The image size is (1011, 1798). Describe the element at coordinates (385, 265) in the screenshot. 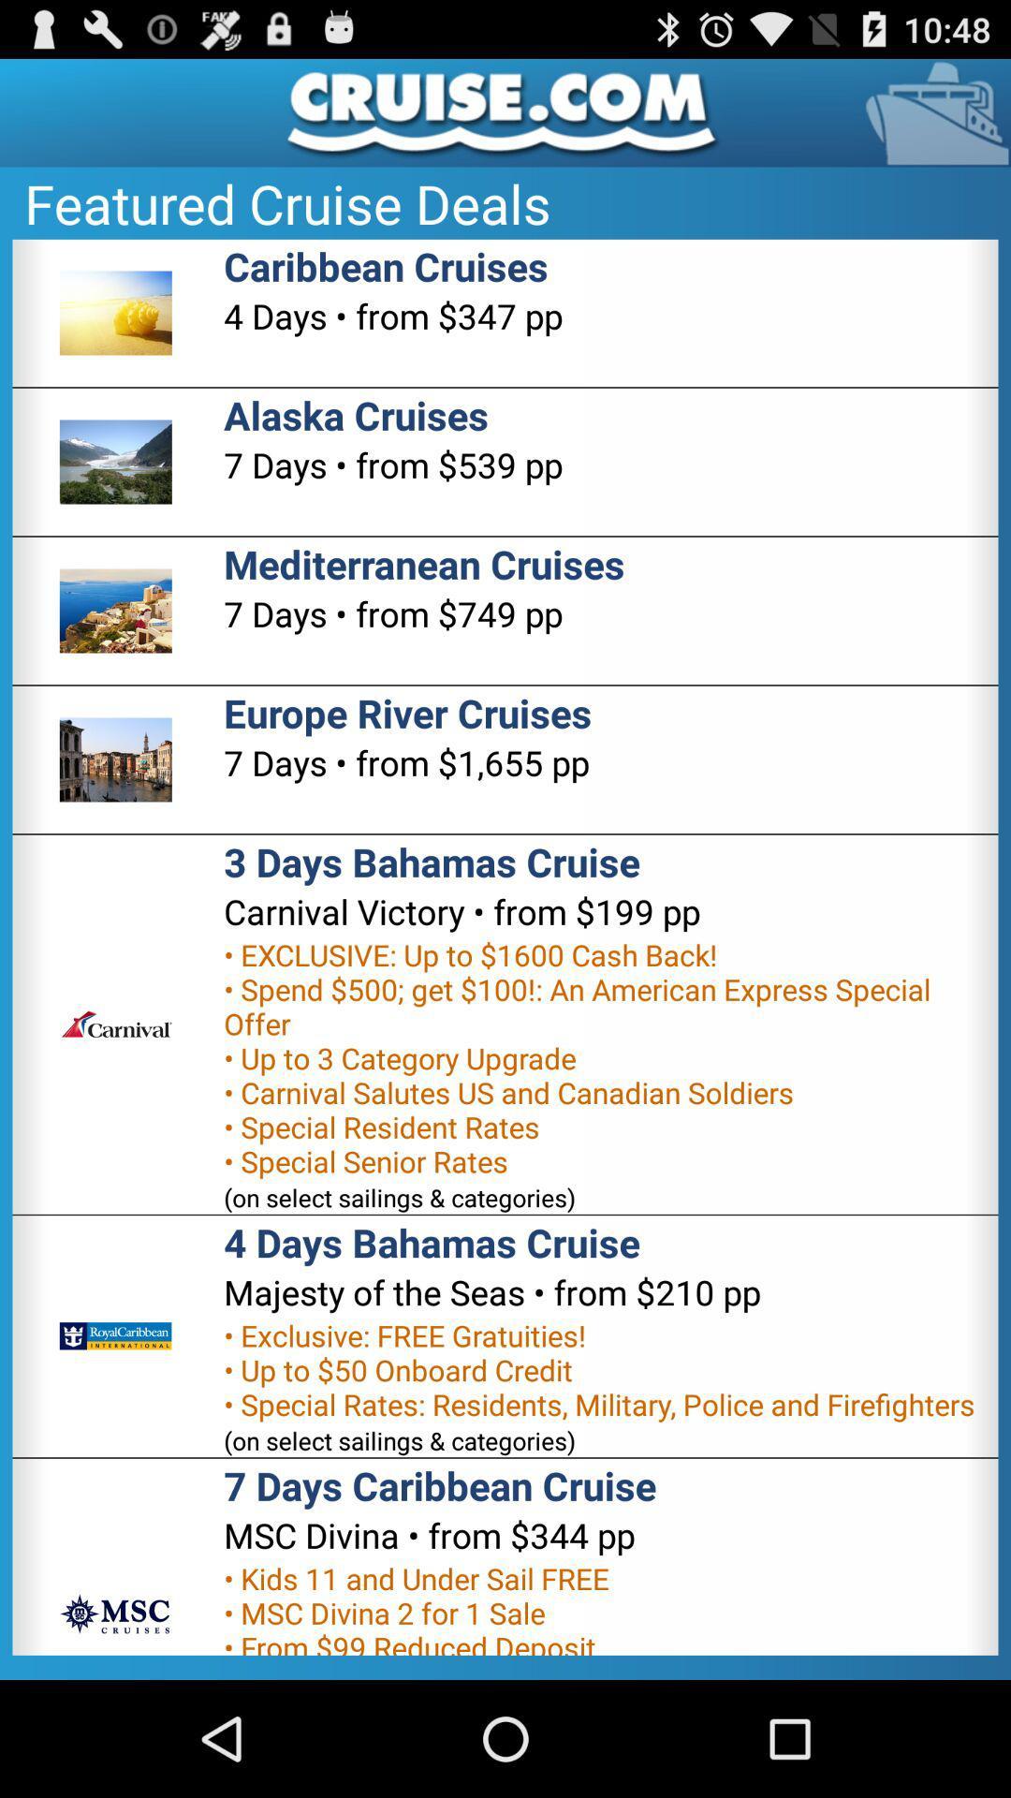

I see `caribbean cruises icon` at that location.